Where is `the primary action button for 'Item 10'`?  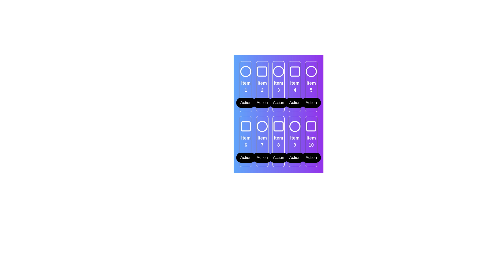
the primary action button for 'Item 10' is located at coordinates (311, 157).